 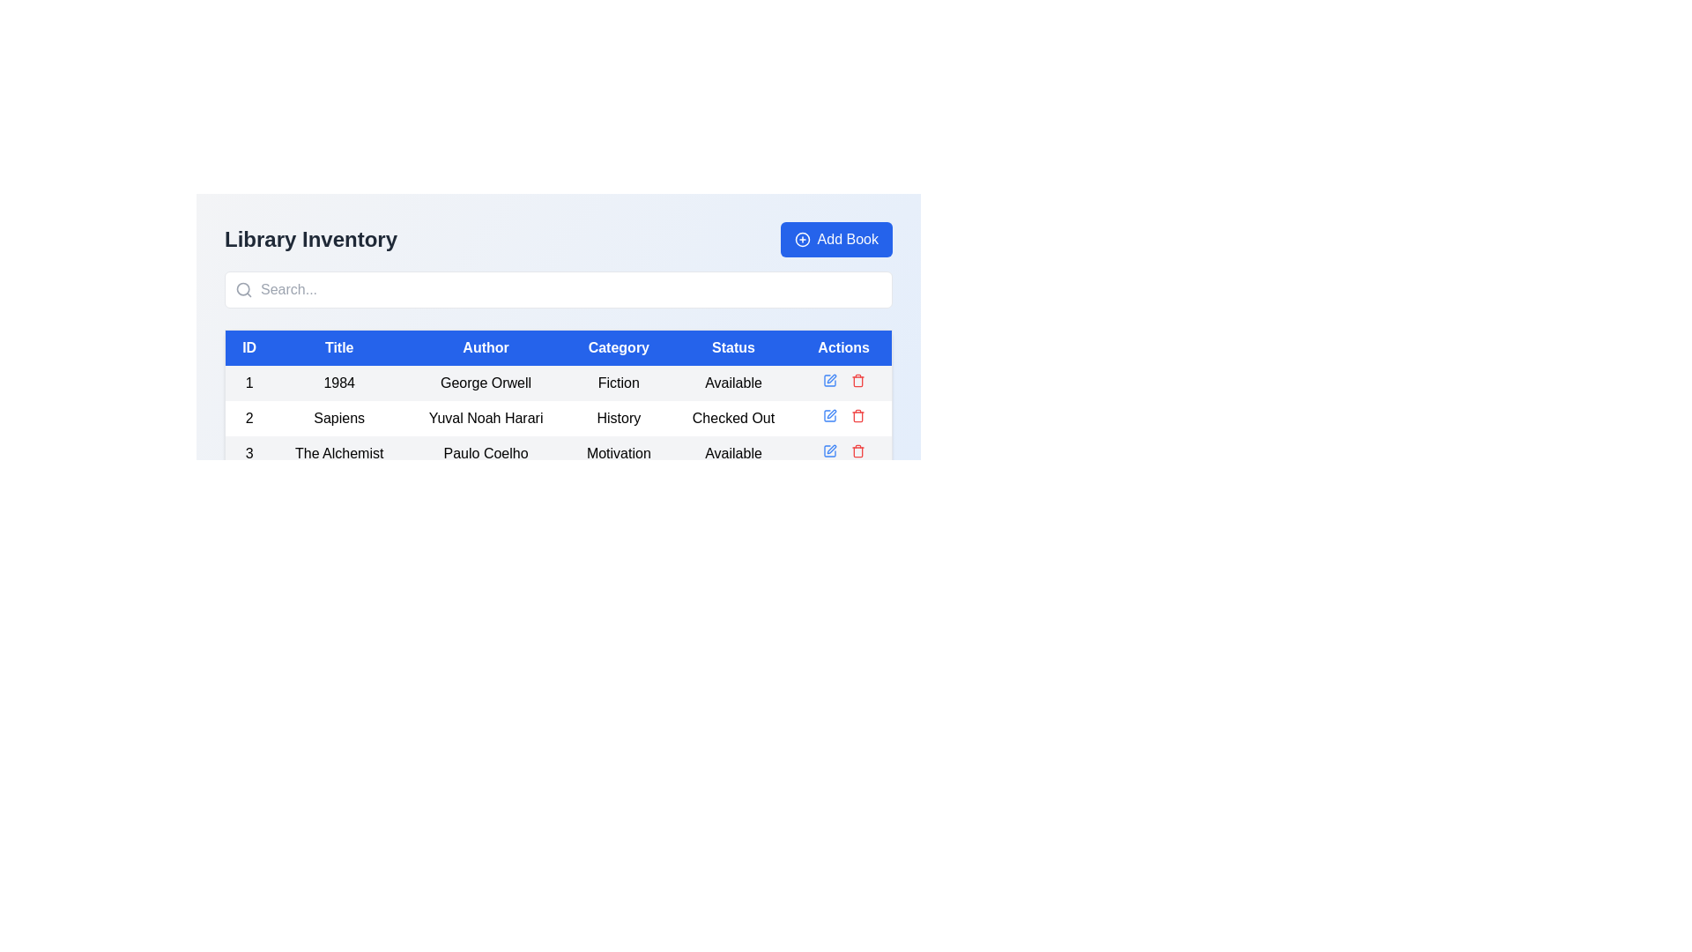 I want to click on the blue edit icon button, which resembles a pen, located, so click(x=828, y=415).